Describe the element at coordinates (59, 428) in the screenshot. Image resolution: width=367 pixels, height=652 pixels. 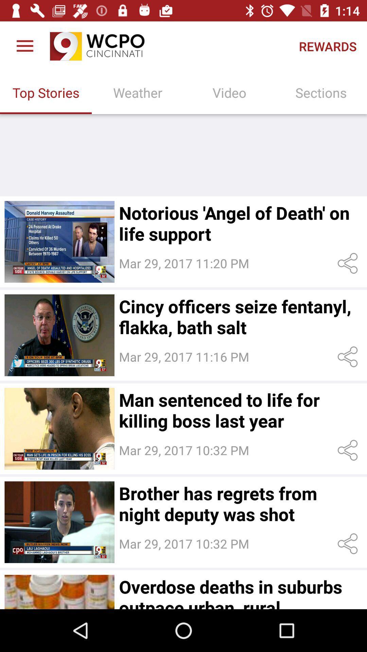
I see `image shows` at that location.